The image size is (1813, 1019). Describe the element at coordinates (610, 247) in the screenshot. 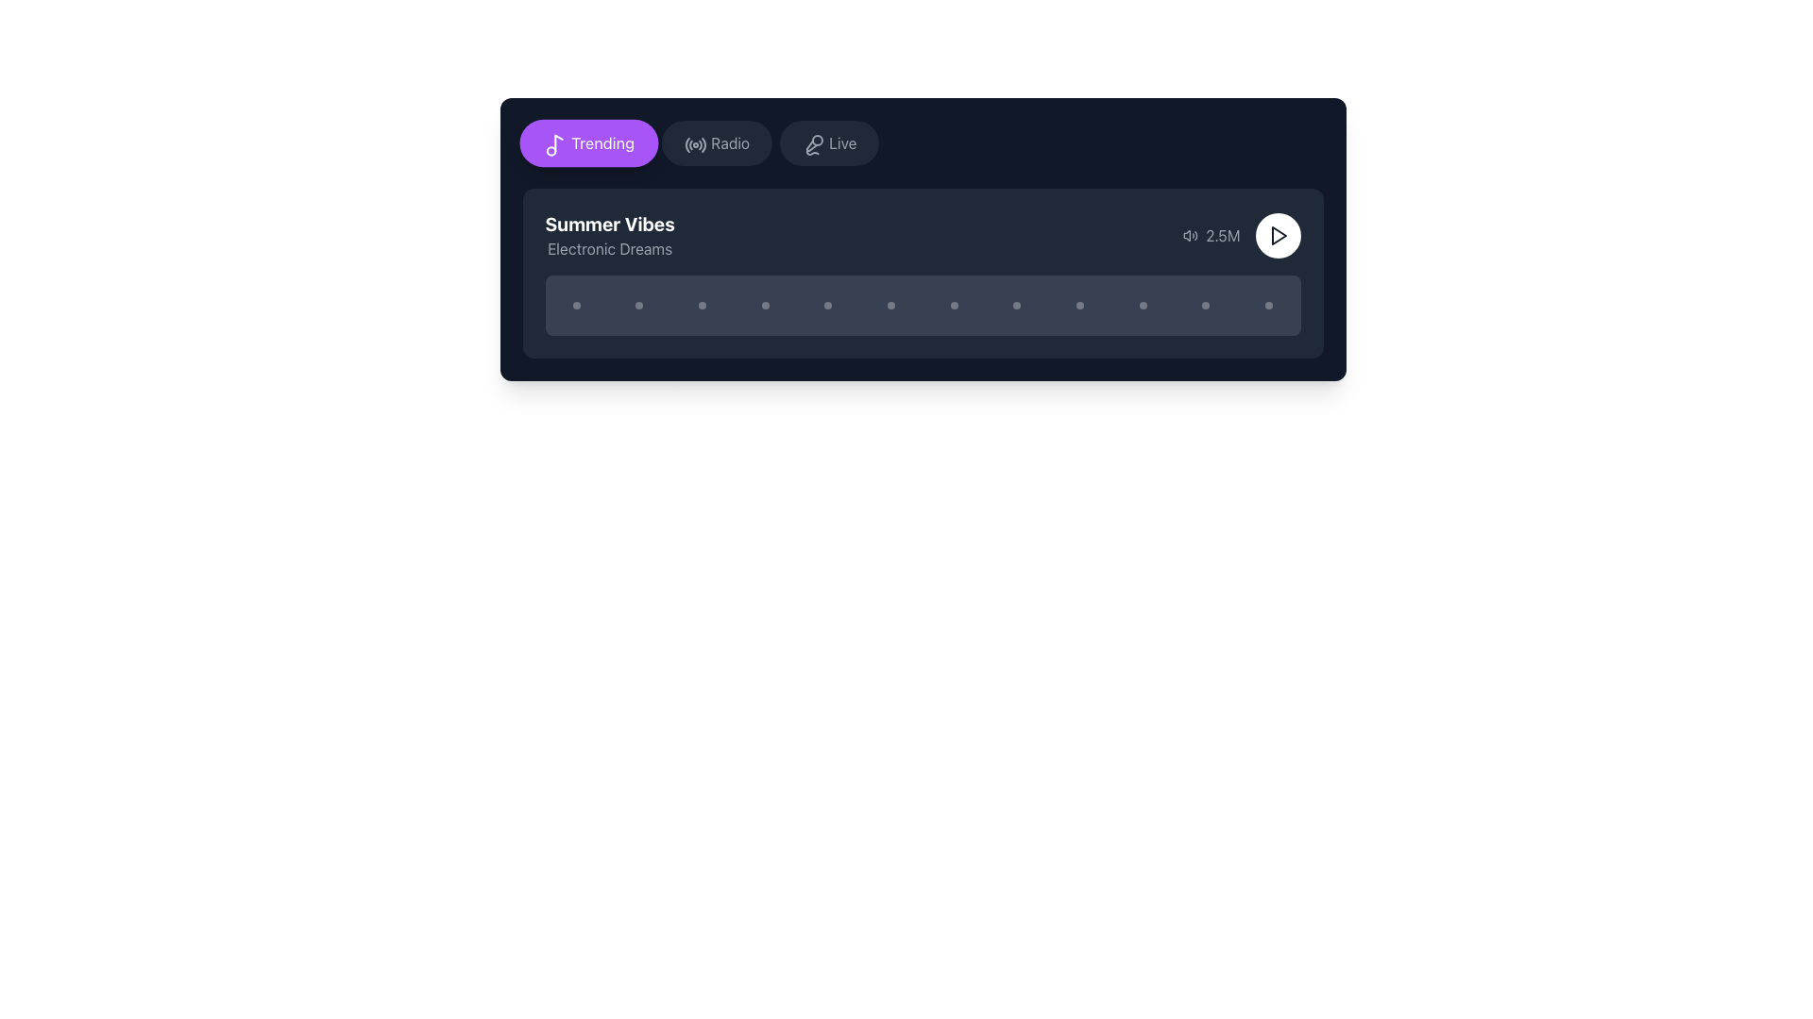

I see `the 'Electronic Dreams' text label, which is a smaller gray font positioned directly beneath the larger 'Summer Vibes' label within the content card` at that location.